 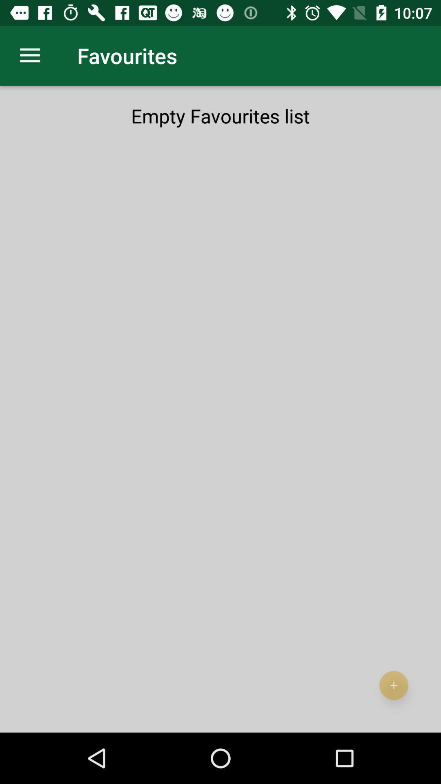 I want to click on empty favourites list, so click(x=220, y=115).